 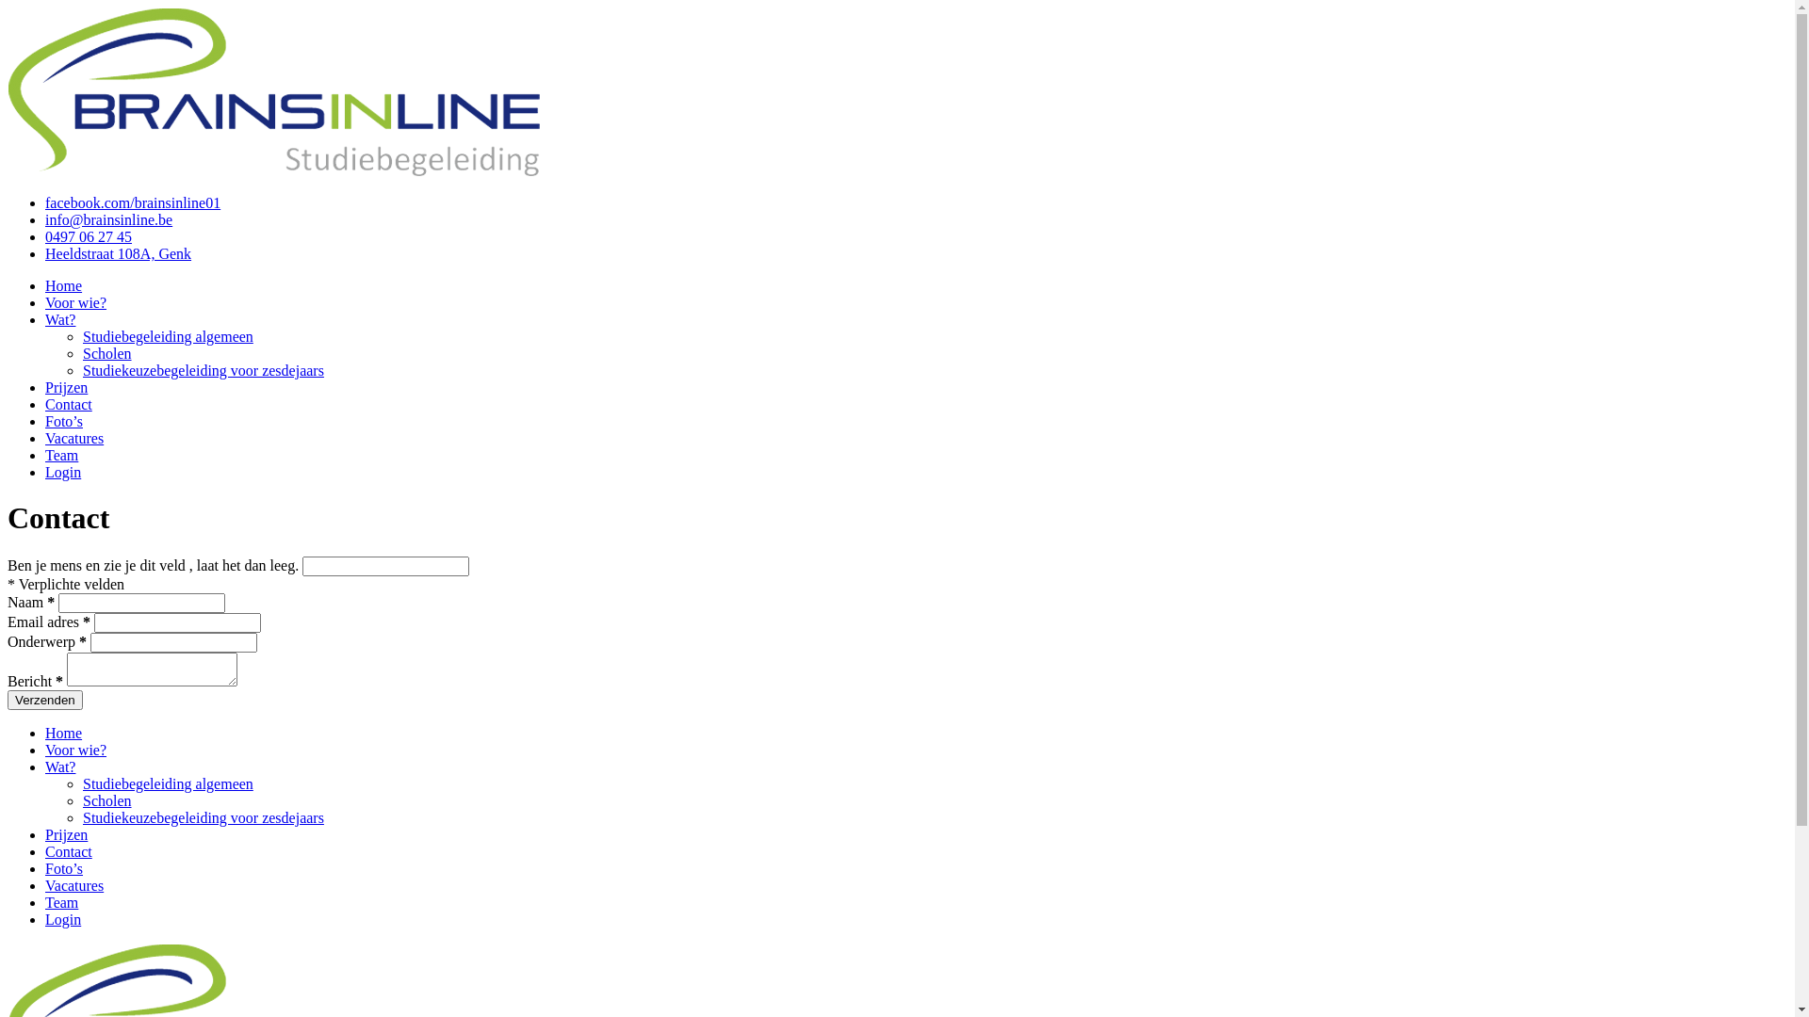 I want to click on 'Wat?', so click(x=59, y=767).